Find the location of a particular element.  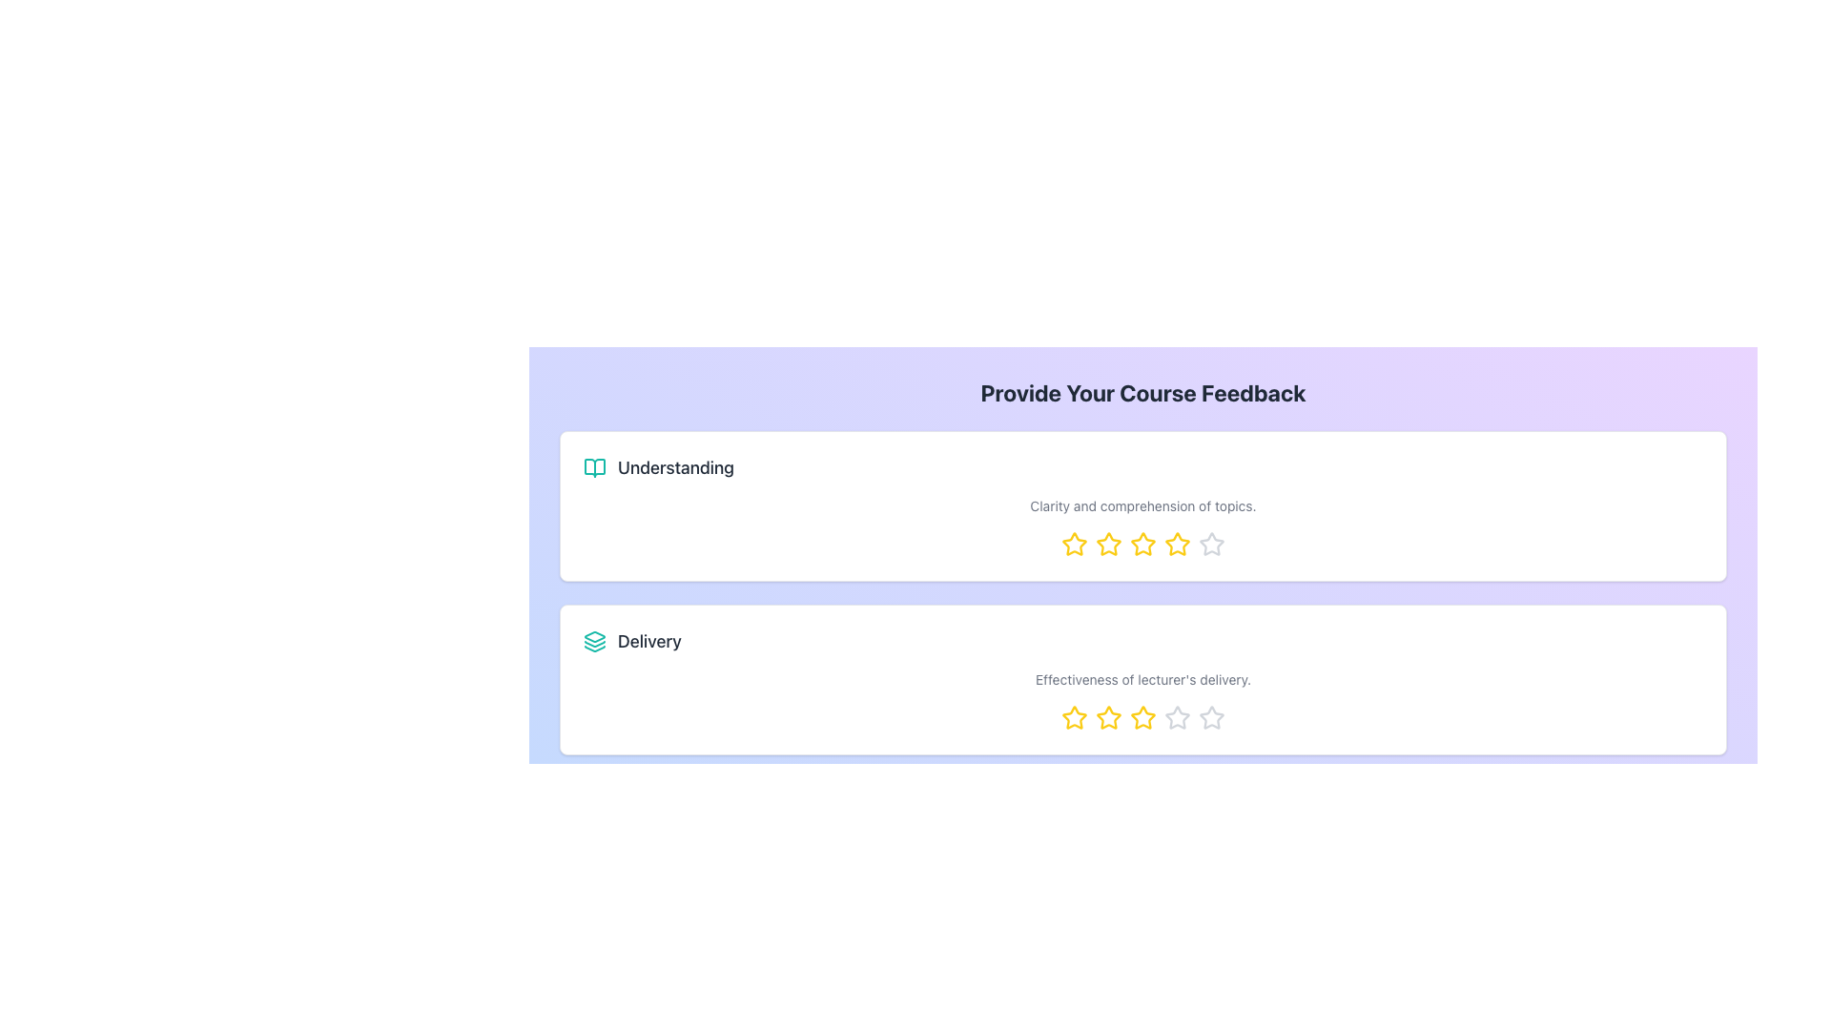

the third yellow star button is located at coordinates (1108, 544).